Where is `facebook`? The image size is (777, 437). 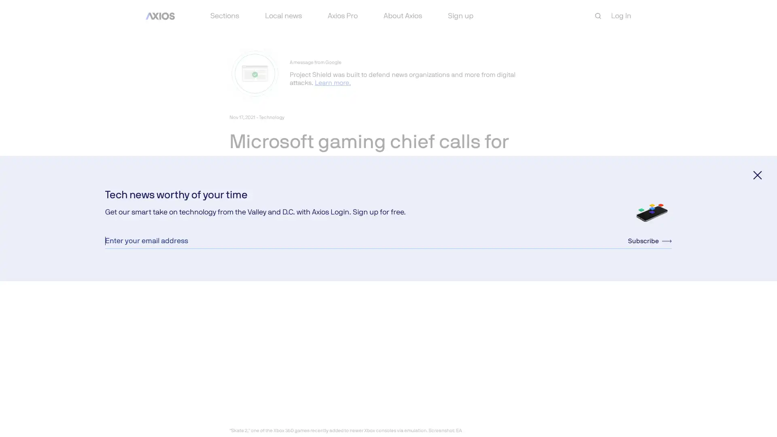
facebook is located at coordinates (235, 220).